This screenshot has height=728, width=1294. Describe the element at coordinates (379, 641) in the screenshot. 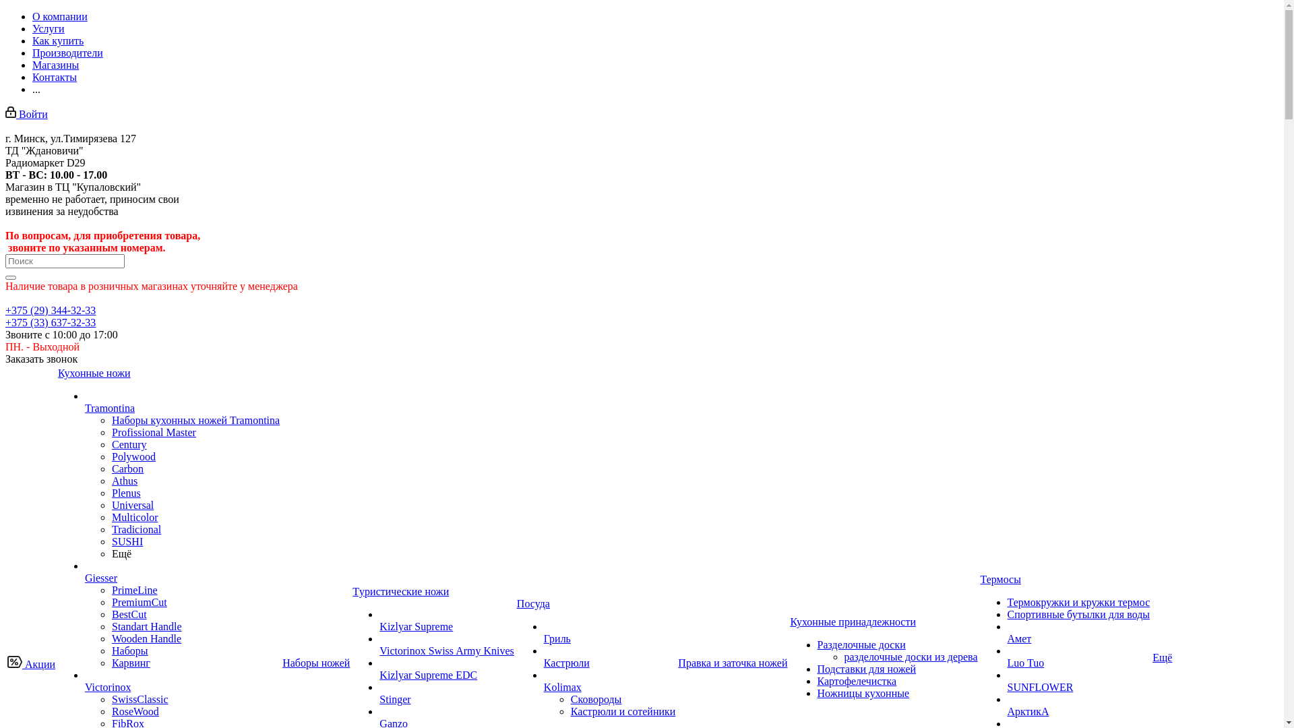

I see `'Victorinox  Swiss Army Knives'` at that location.